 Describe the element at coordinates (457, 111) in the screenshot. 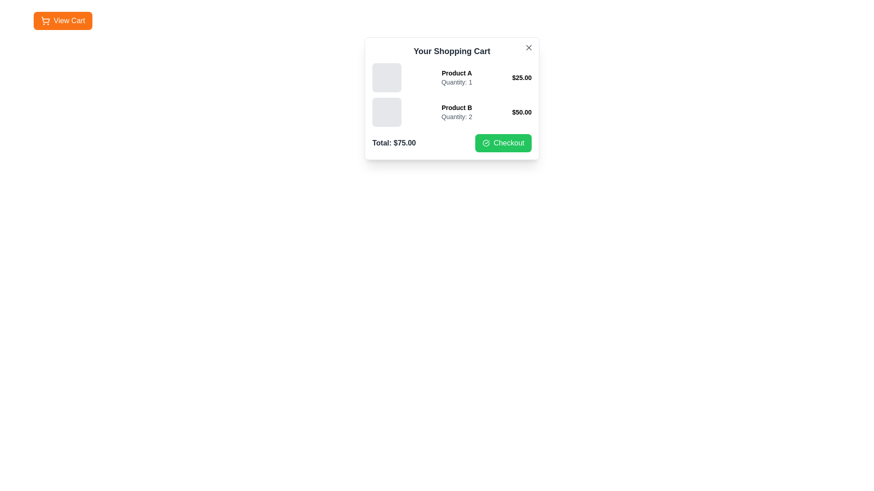

I see `the Text block displaying 'Product B' and 'Quantity: 2', which is the second item in the shopping cart list` at that location.